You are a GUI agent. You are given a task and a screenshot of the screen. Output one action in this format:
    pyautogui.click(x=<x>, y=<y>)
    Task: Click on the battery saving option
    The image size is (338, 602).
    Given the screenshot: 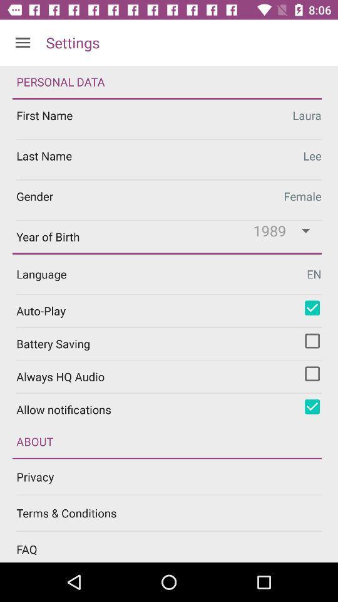 What is the action you would take?
    pyautogui.click(x=312, y=341)
    